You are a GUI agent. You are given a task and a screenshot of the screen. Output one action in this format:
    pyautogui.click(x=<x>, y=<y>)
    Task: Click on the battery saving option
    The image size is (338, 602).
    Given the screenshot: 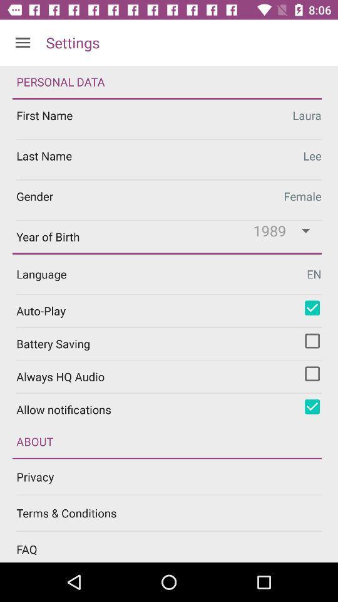 What is the action you would take?
    pyautogui.click(x=312, y=341)
    